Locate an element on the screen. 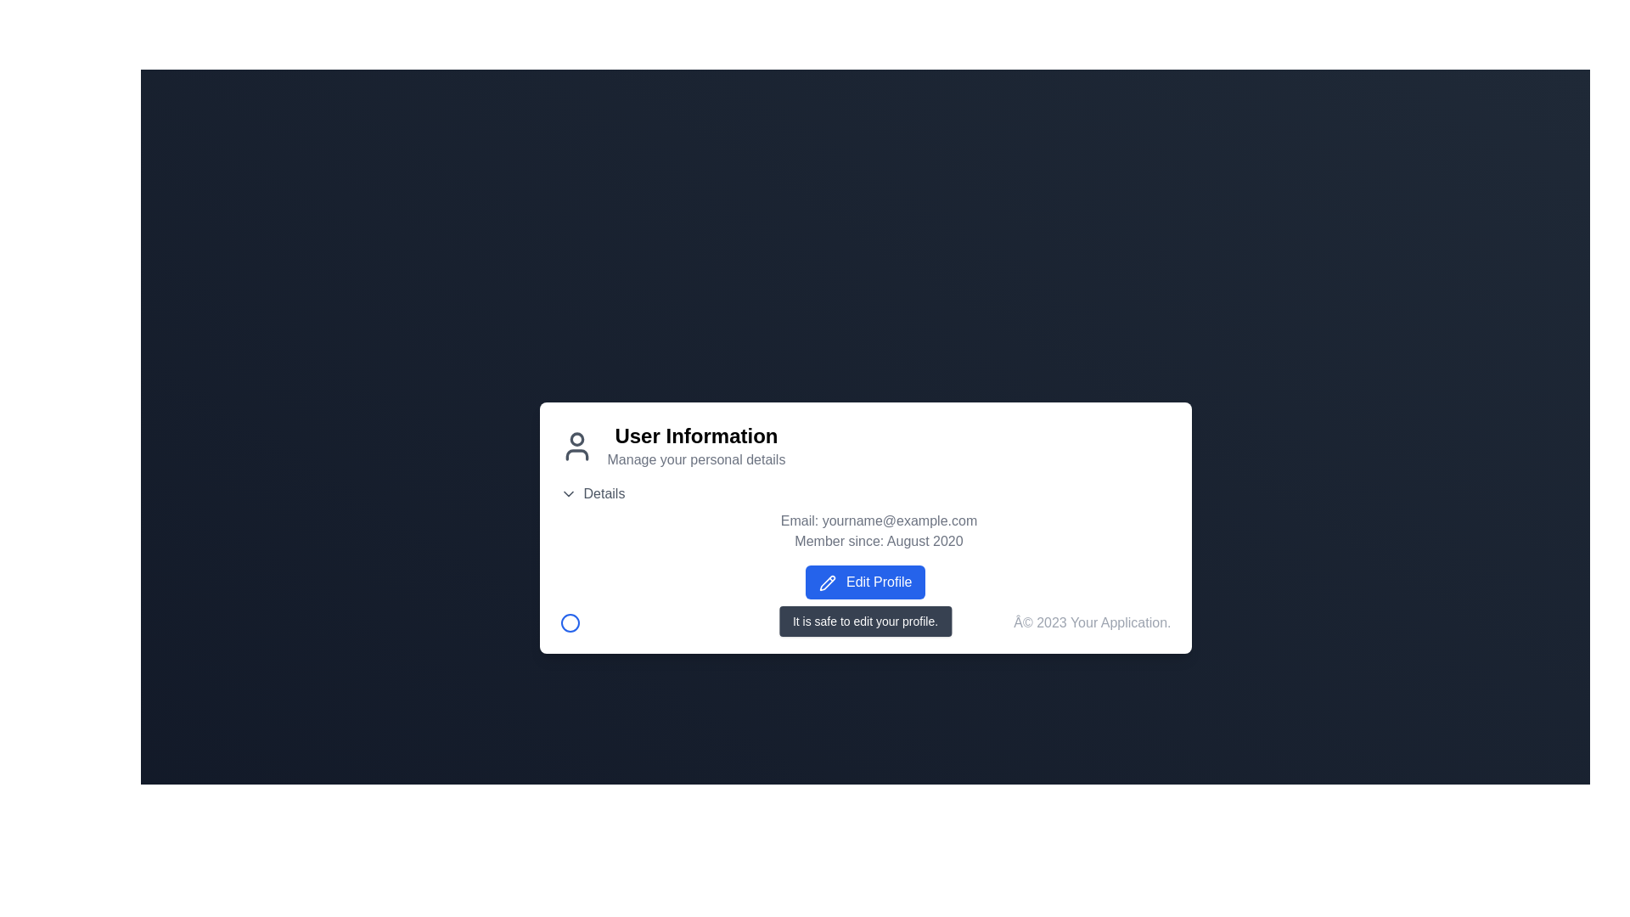 The image size is (1630, 917). the 'Edit Profile' button located at the bottom of the 'User Information' card is located at coordinates (865, 582).